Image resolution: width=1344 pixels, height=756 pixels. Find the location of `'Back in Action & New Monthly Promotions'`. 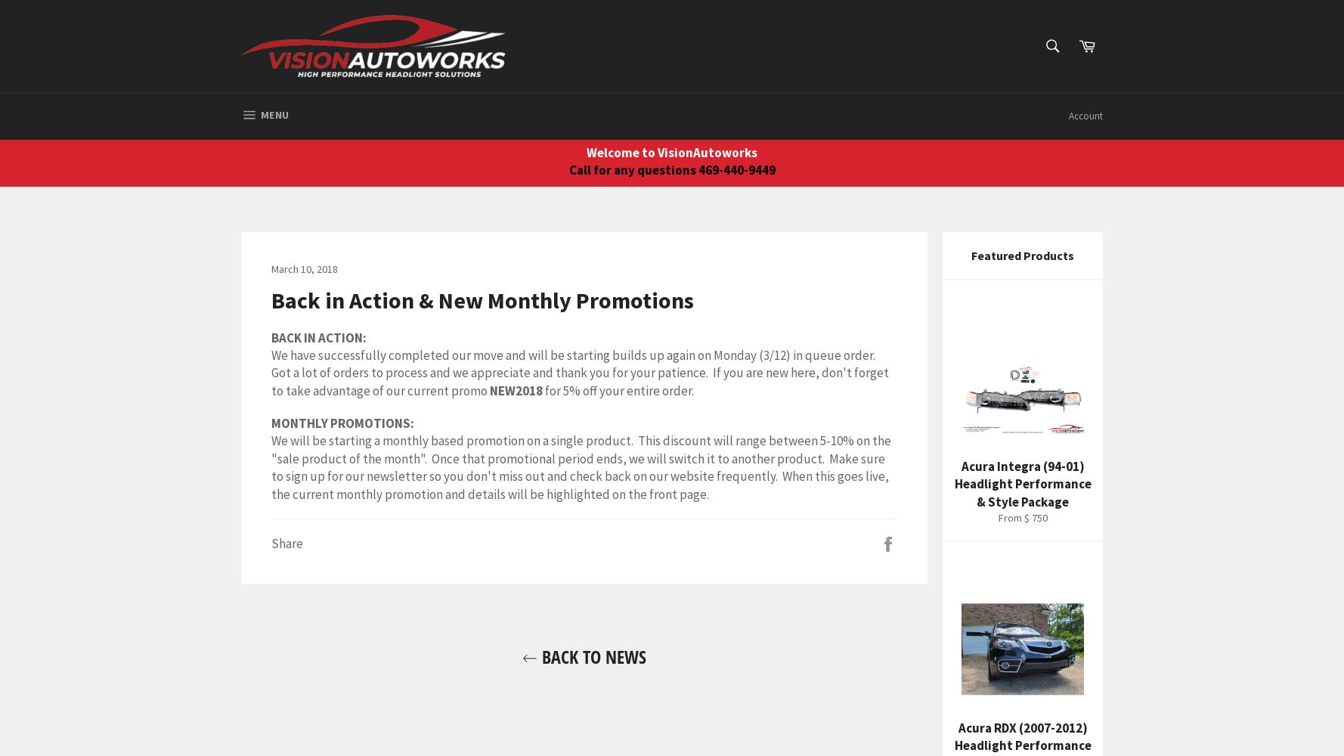

'Back in Action & New Monthly Promotions' is located at coordinates (482, 299).